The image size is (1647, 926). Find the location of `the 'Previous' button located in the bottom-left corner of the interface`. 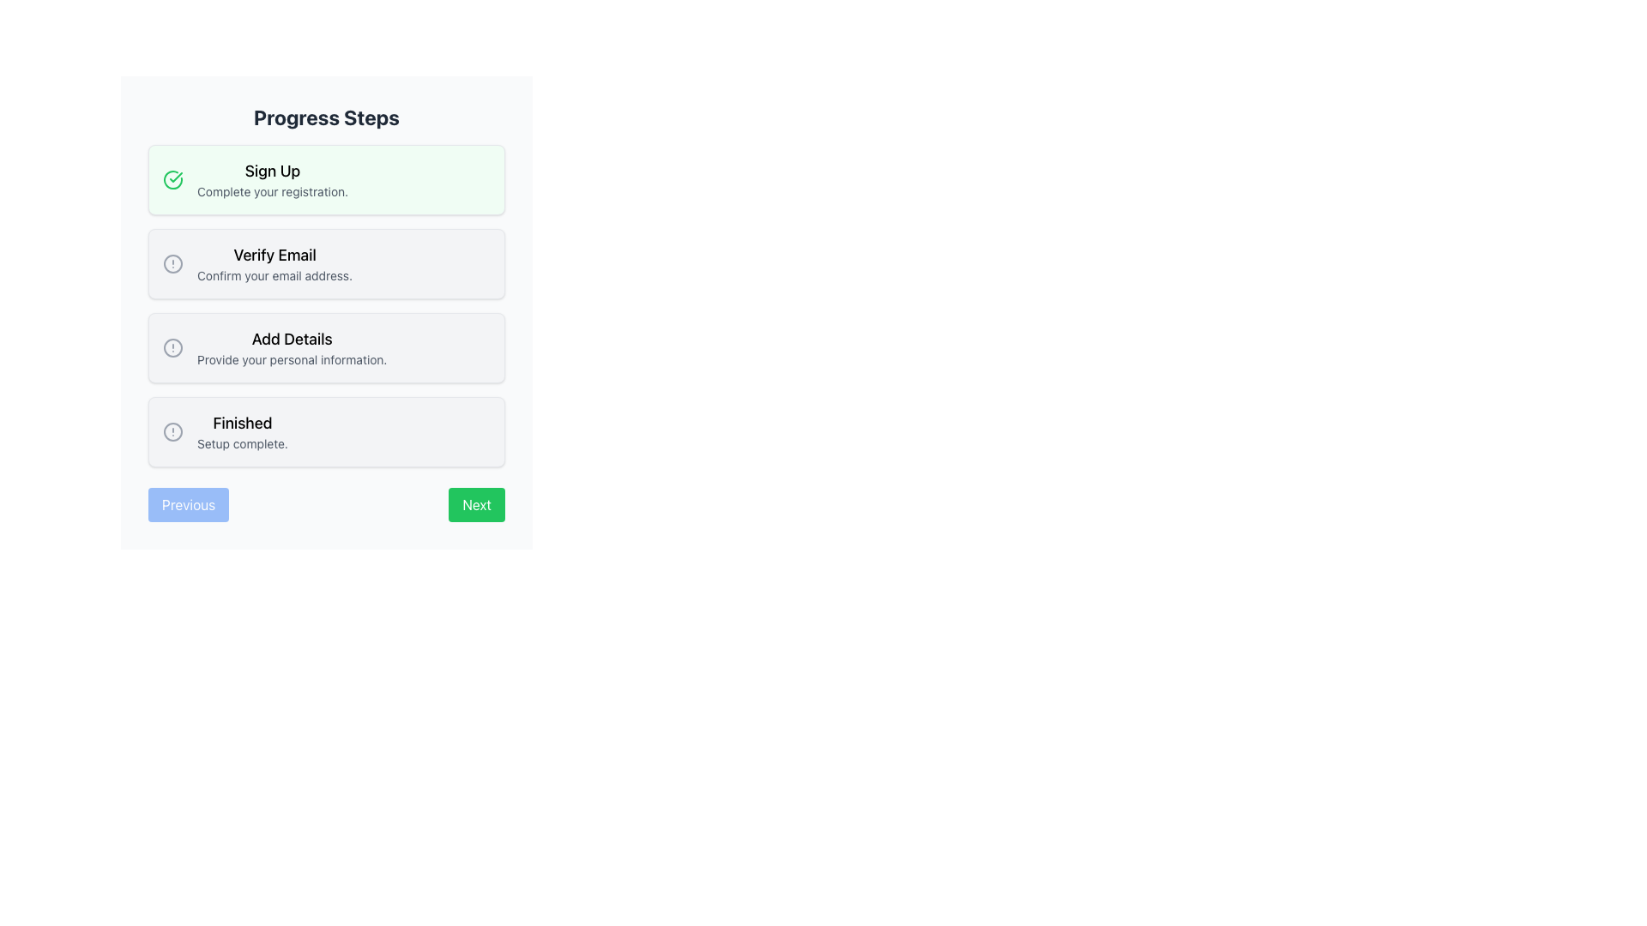

the 'Previous' button located in the bottom-left corner of the interface is located at coordinates (189, 504).